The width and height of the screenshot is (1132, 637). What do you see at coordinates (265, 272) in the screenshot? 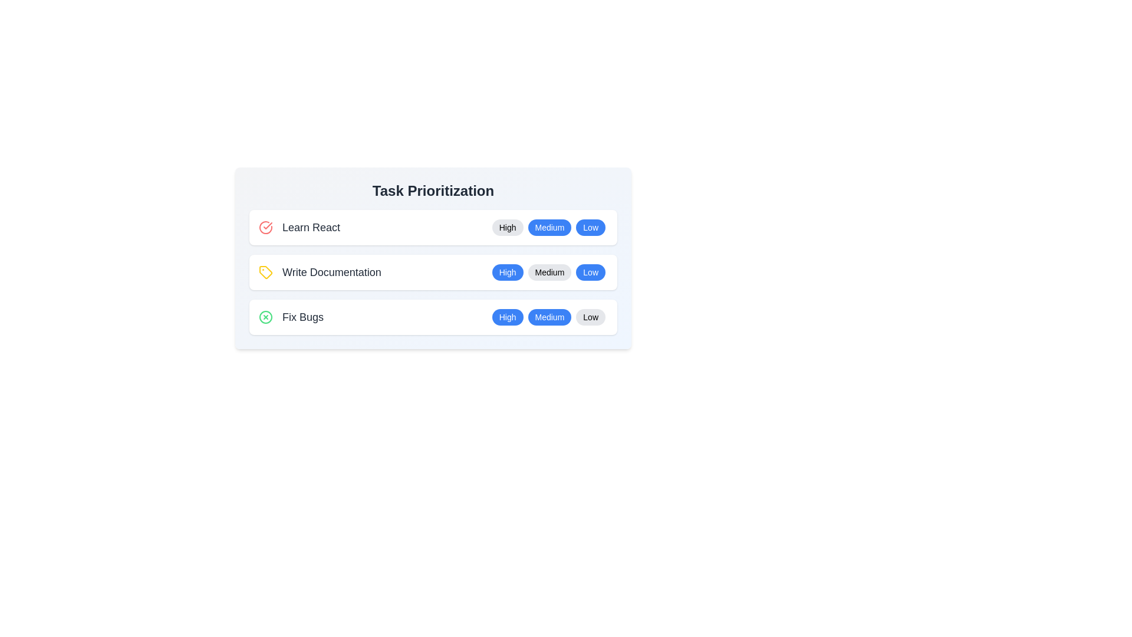
I see `the icon next to the task Write Documentation` at bounding box center [265, 272].